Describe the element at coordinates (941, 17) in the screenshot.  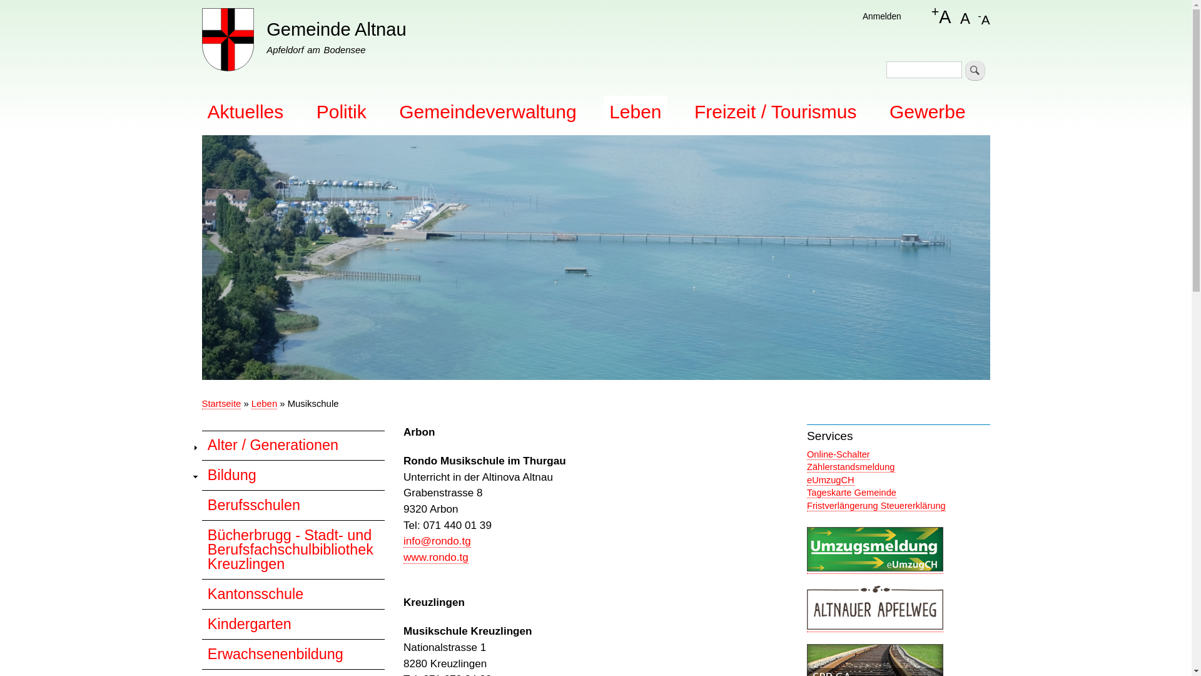
I see `'+A'` at that location.